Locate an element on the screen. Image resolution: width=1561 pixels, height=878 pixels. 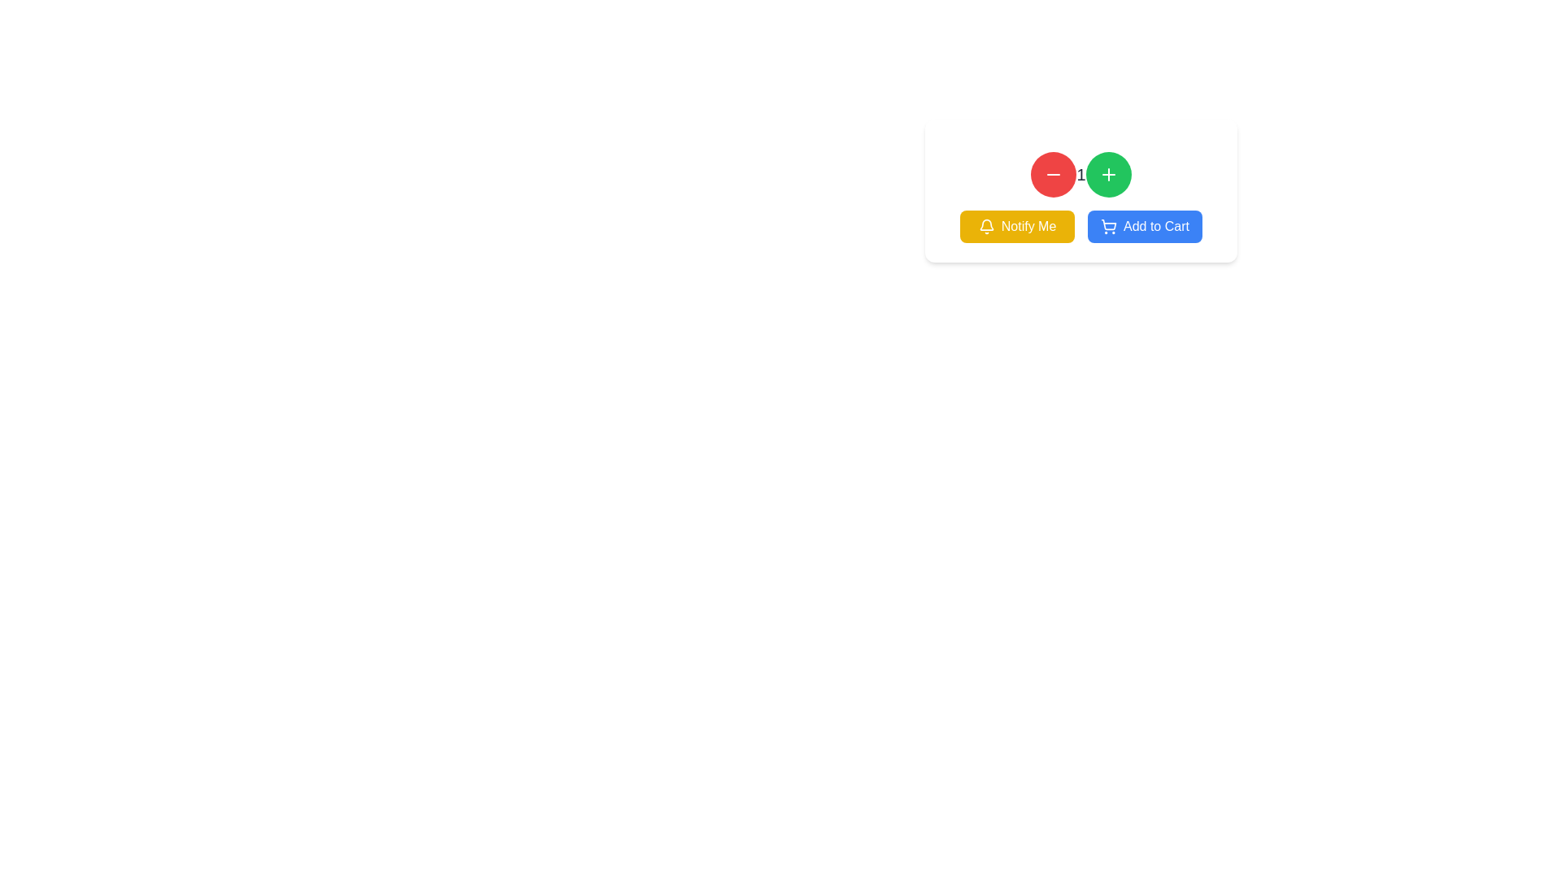
the notification icon located on the left side of the 'Notify Me' button, which symbolizes notifications or alerts is located at coordinates (985, 226).